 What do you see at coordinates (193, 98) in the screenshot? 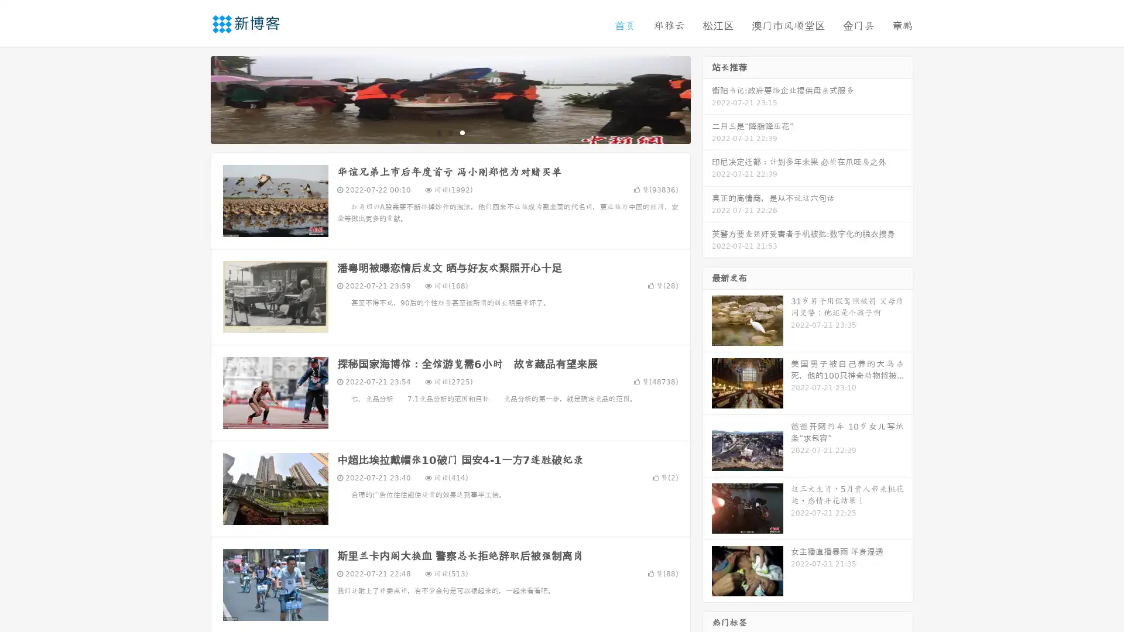
I see `Previous slide` at bounding box center [193, 98].